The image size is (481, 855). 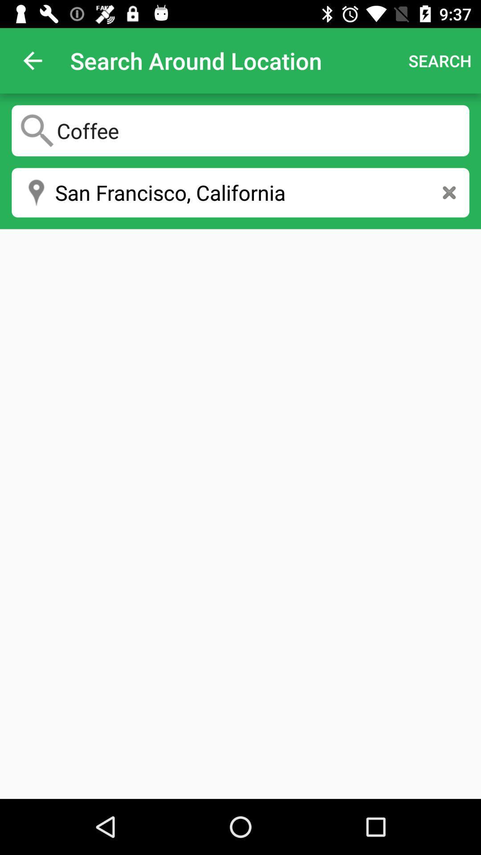 What do you see at coordinates (32, 60) in the screenshot?
I see `item to the left of search around location item` at bounding box center [32, 60].